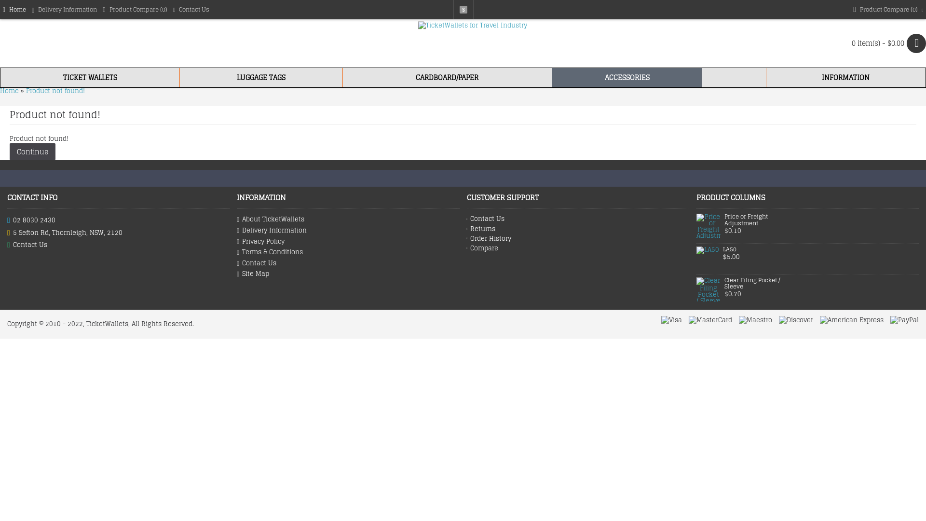  What do you see at coordinates (463, 9) in the screenshot?
I see `'$'` at bounding box center [463, 9].